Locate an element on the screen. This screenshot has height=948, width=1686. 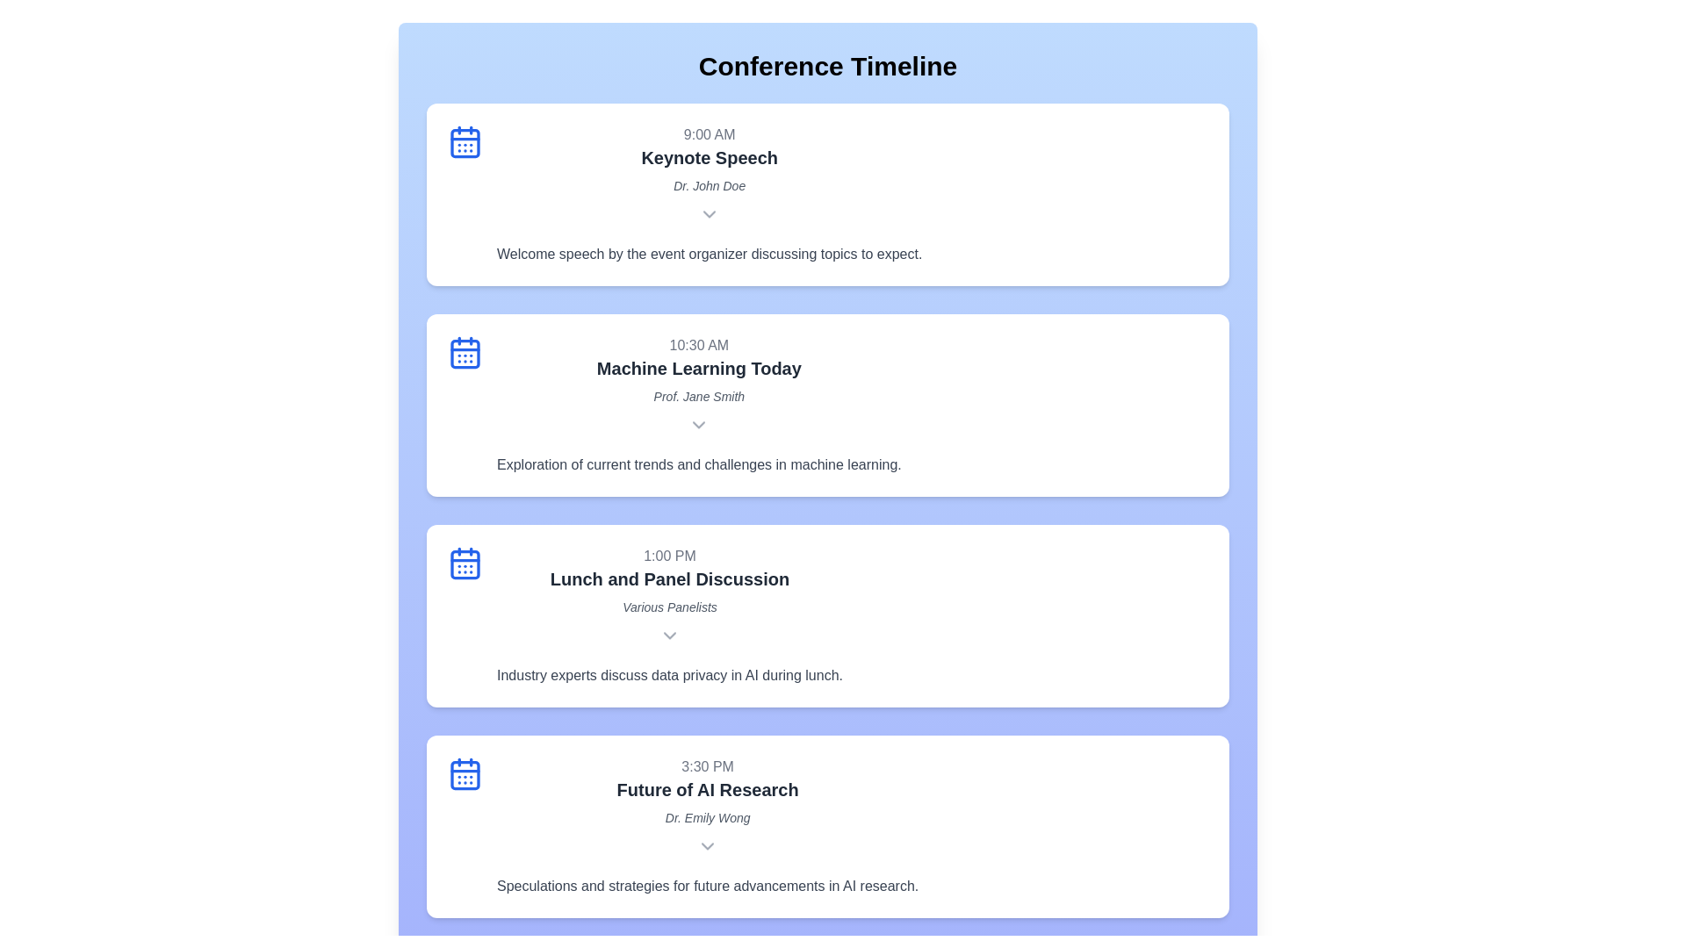
the decorative part of the calendar icon located in the top-left corner of the white card for the 'Lunch and Panel Discussion' event is located at coordinates (465, 564).